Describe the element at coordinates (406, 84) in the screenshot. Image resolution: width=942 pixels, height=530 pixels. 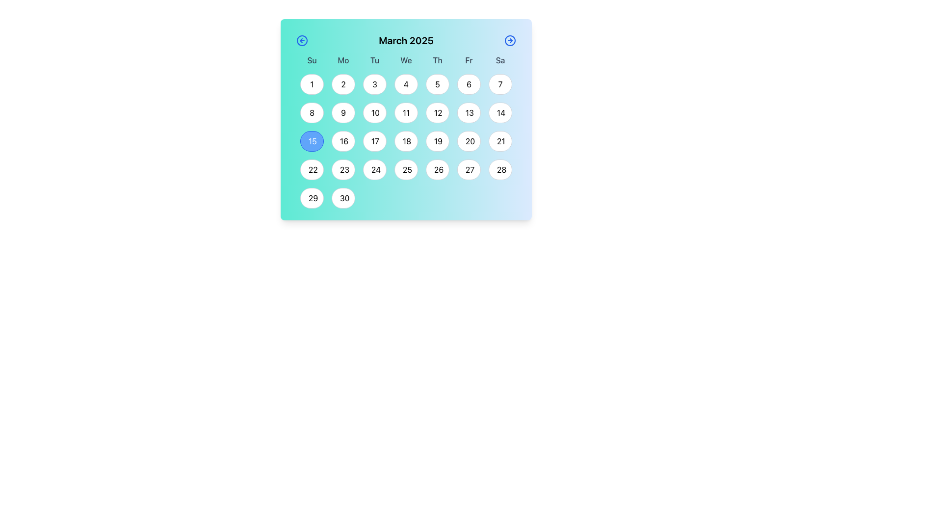
I see `the circular button labeled '4' in the calendar grid` at that location.